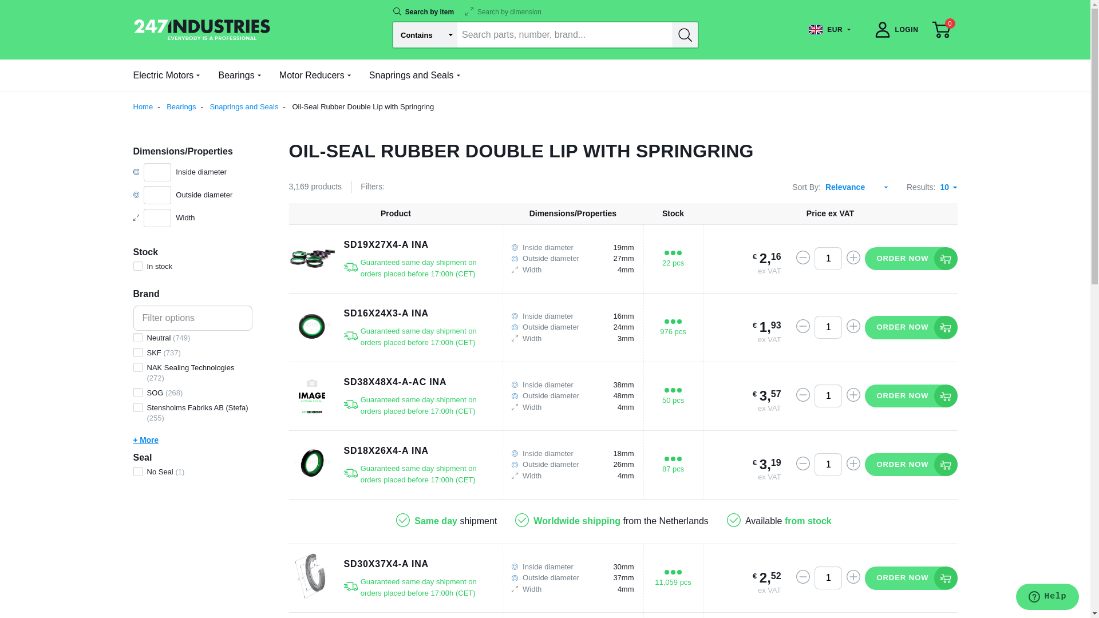 Image resolution: width=1099 pixels, height=618 pixels. What do you see at coordinates (830, 213) in the screenshot?
I see `'Price ex VAT'` at bounding box center [830, 213].